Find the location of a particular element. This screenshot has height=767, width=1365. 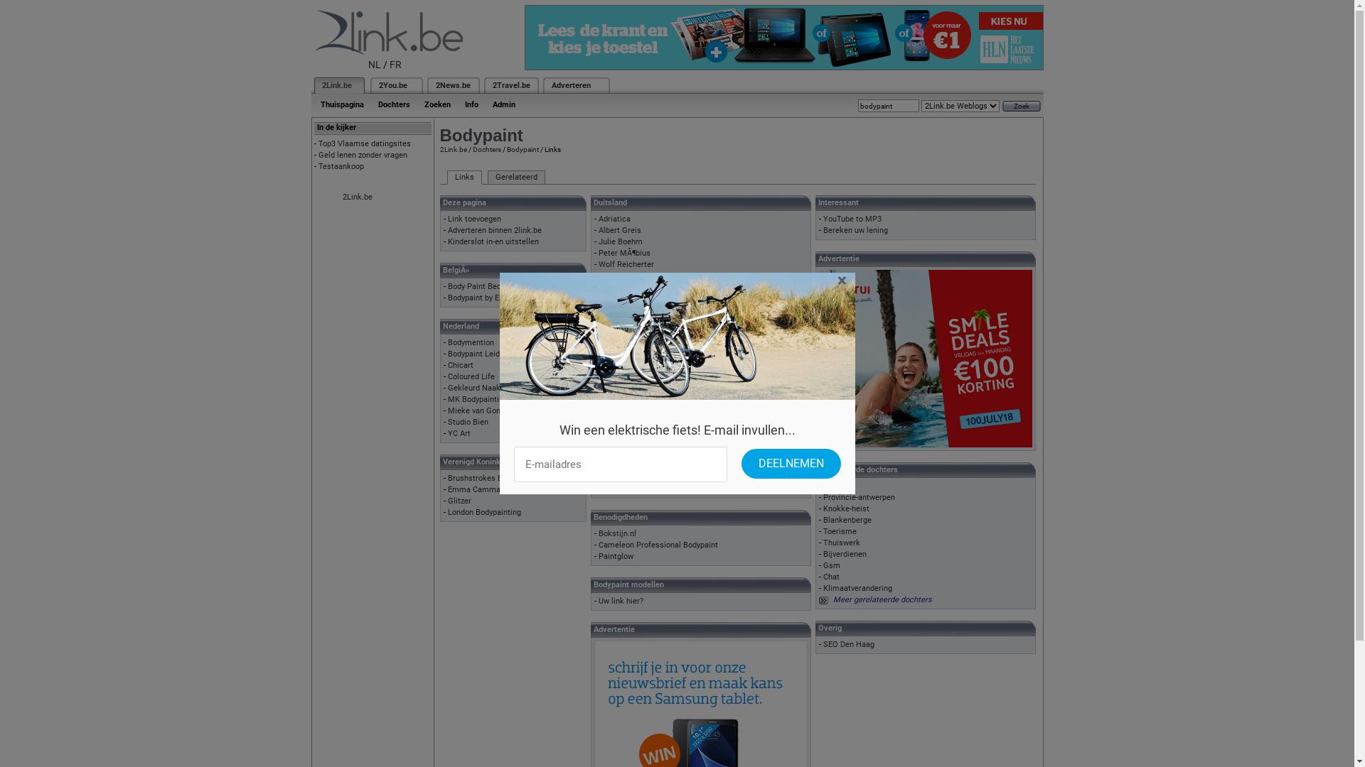

'Bodypaint Leiden' is located at coordinates (478, 353).